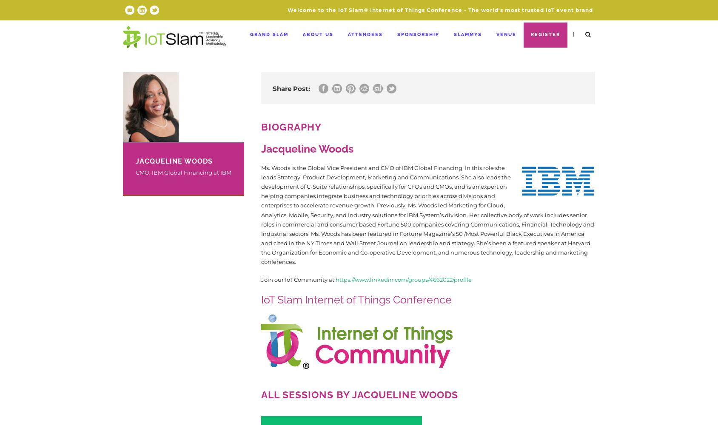 The image size is (718, 425). What do you see at coordinates (573, 34) in the screenshot?
I see `'|'` at bounding box center [573, 34].